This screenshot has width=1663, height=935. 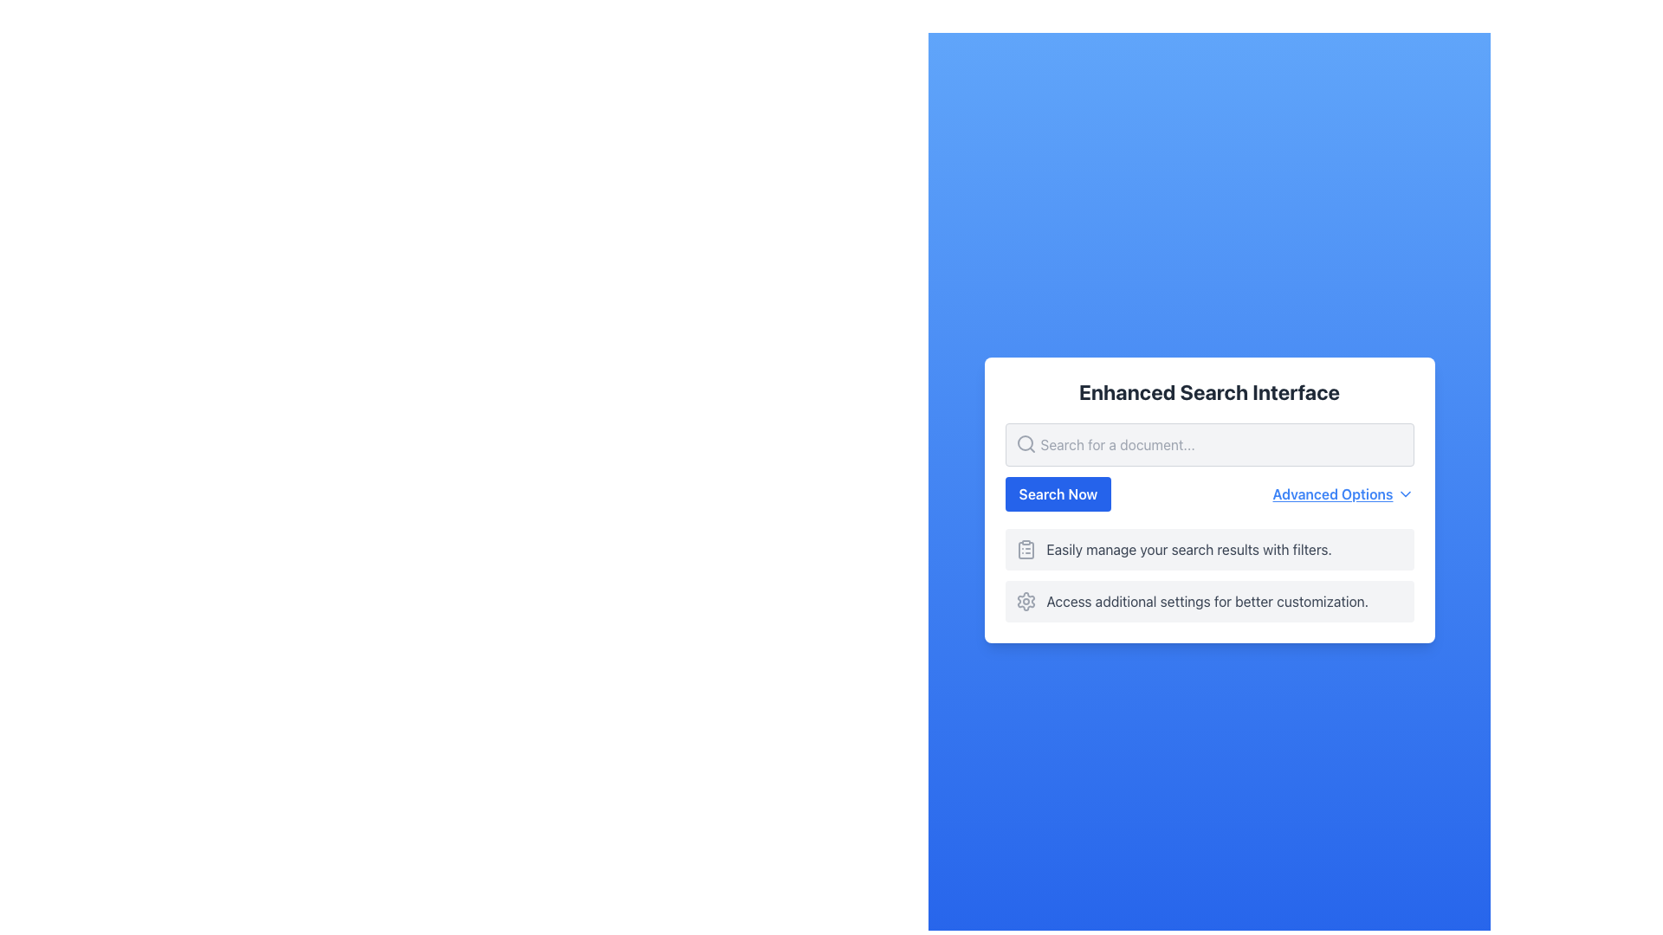 I want to click on the Link with dropdown icon, so click(x=1342, y=493).